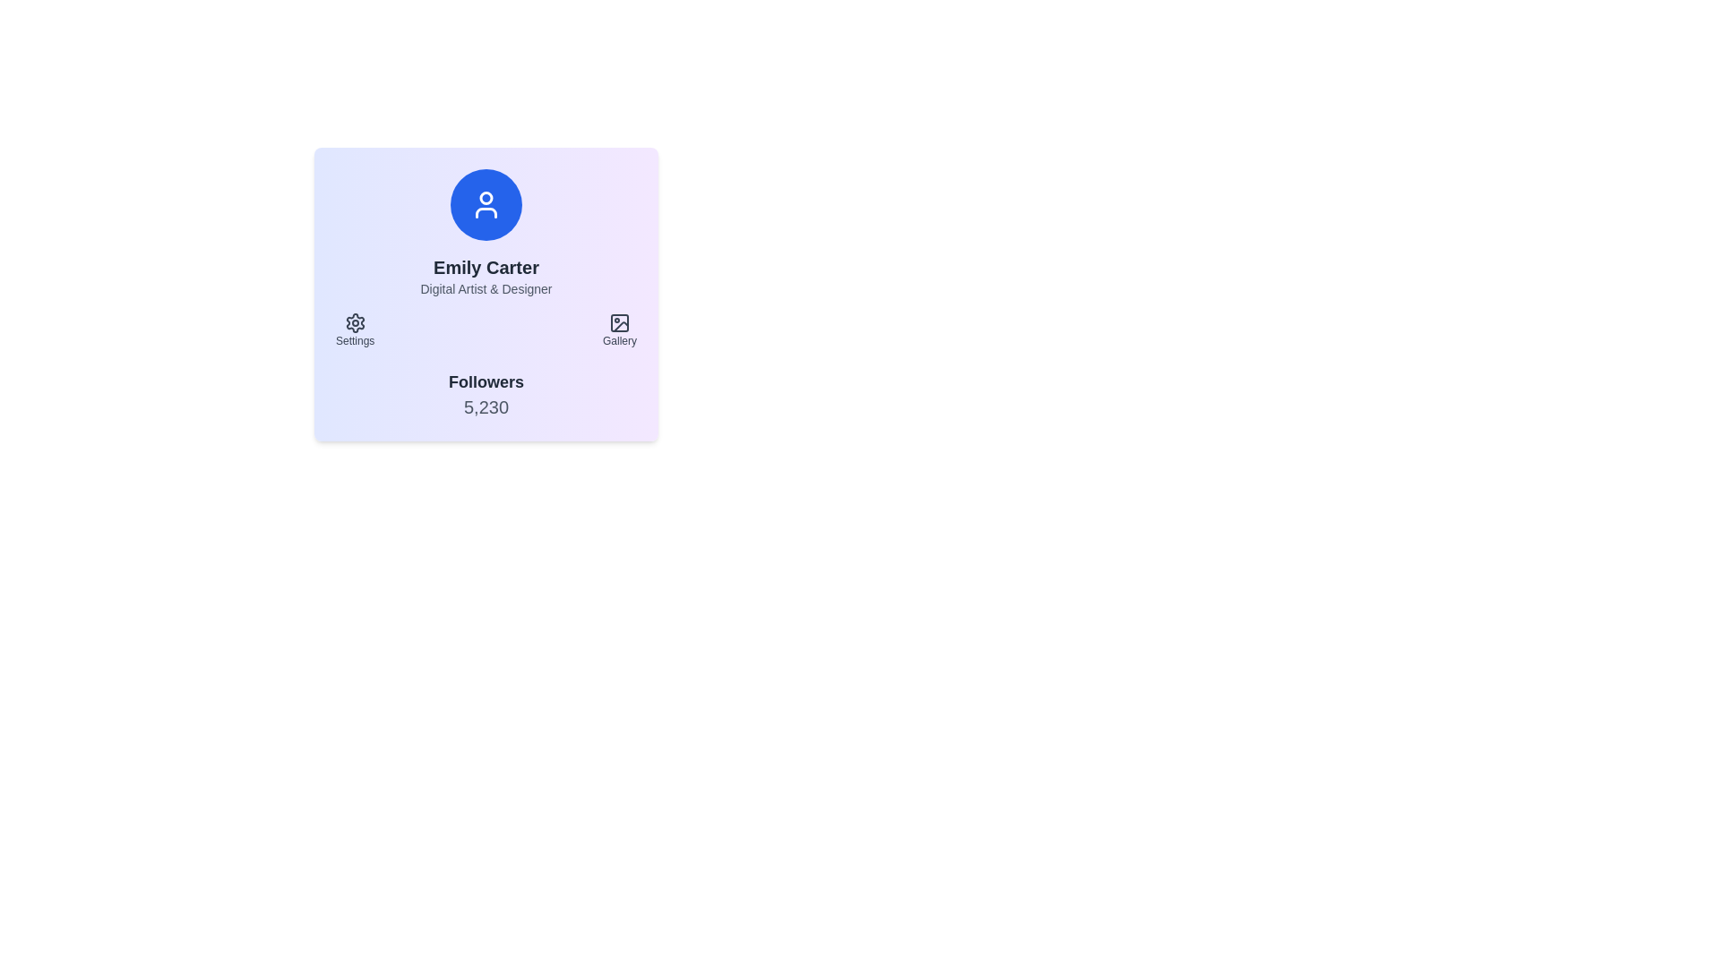 The height and width of the screenshot is (967, 1720). I want to click on the 'Followers' text display section located at the bottom of the profile card, which shows the label 'Followers' and the number '5,230', so click(486, 393).